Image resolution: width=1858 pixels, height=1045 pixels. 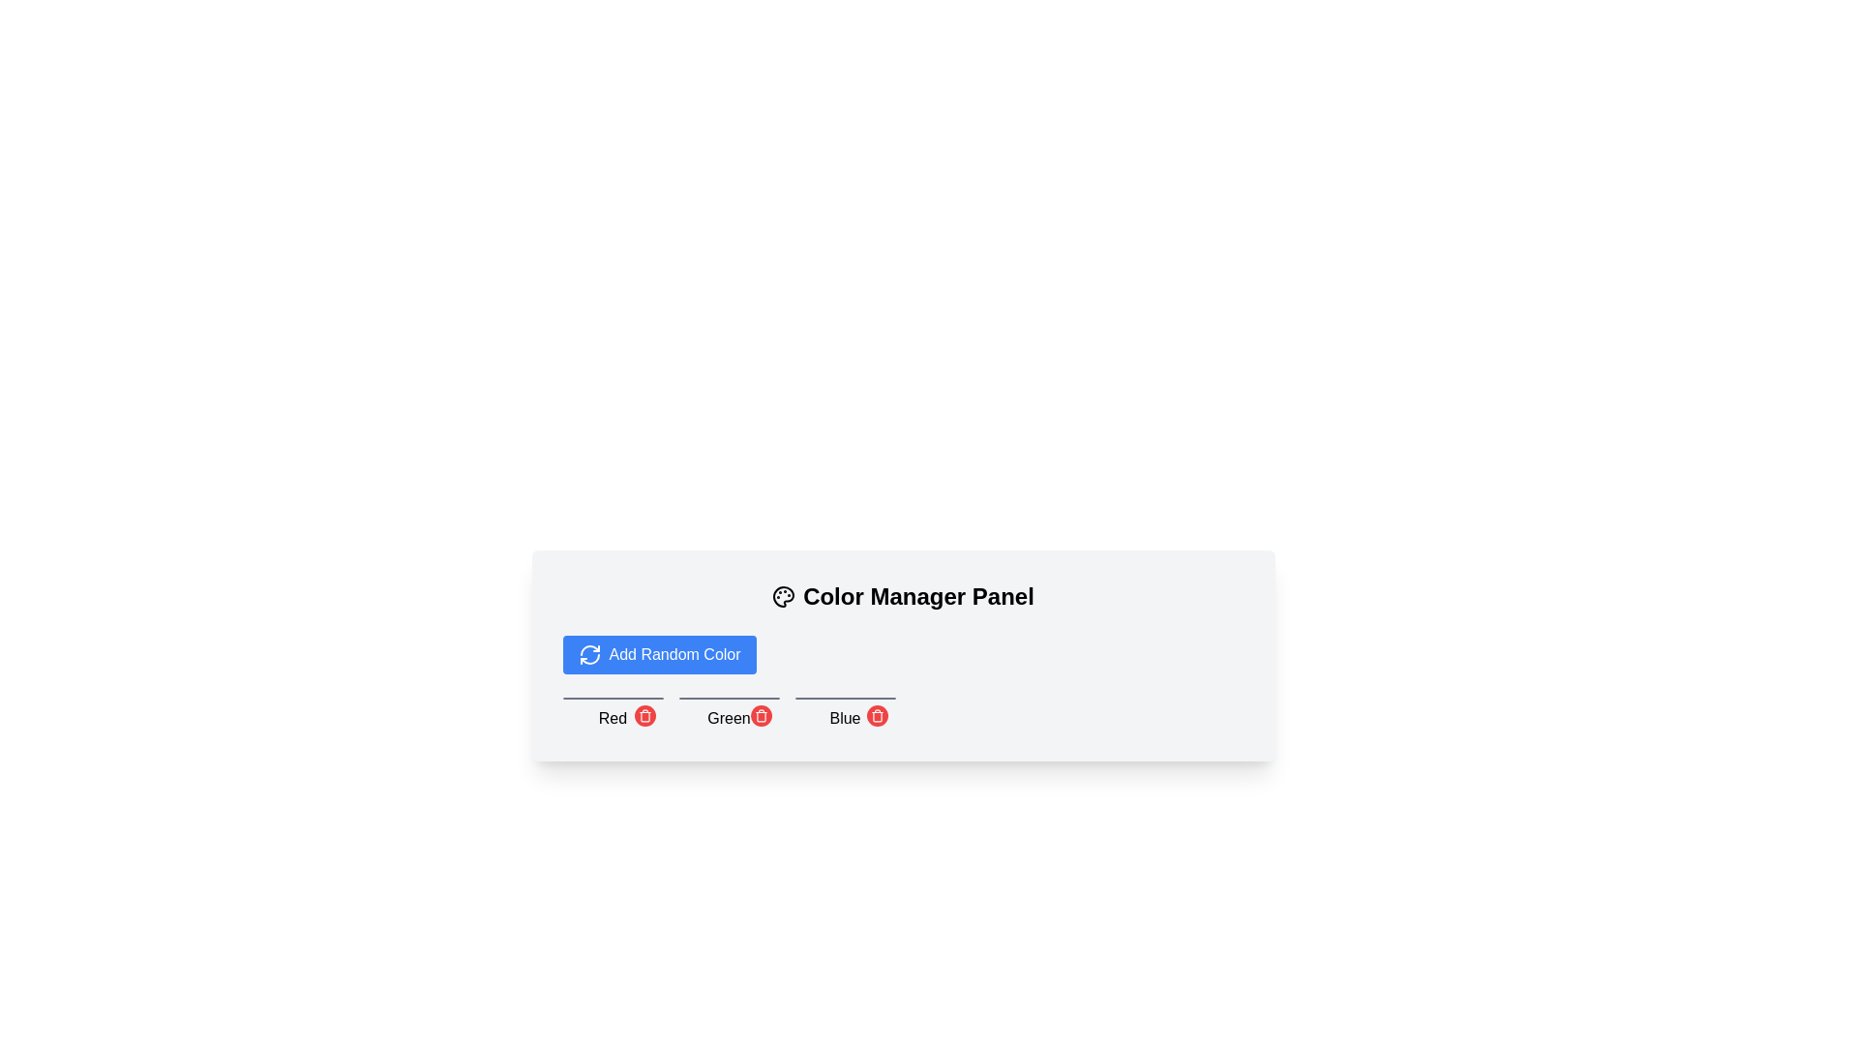 What do you see at coordinates (760, 716) in the screenshot?
I see `the delete button located at the top-right corner of the 'Green' color section in the color manager panel` at bounding box center [760, 716].